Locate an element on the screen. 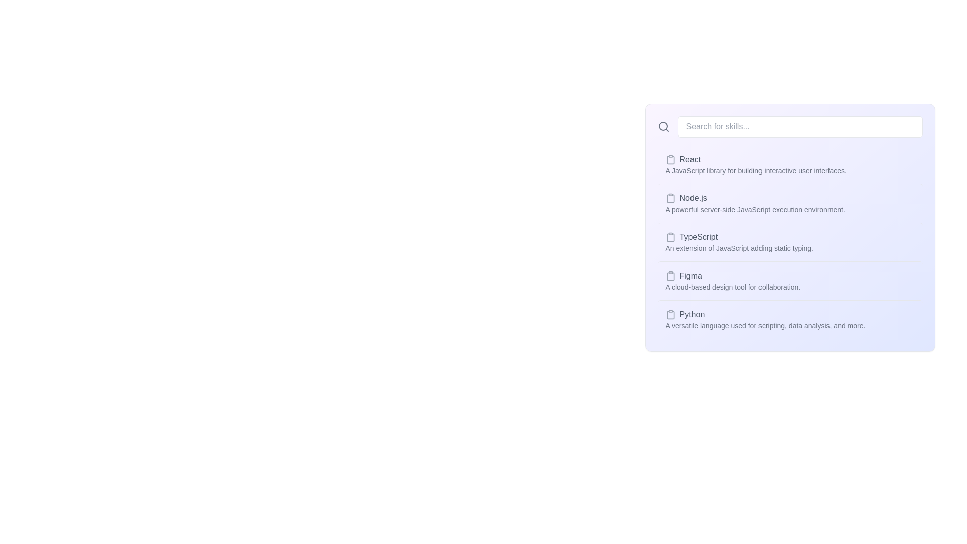  the first list item containing the text 'React: A JavaScript library for building interactive user interfaces.' is located at coordinates (756, 164).